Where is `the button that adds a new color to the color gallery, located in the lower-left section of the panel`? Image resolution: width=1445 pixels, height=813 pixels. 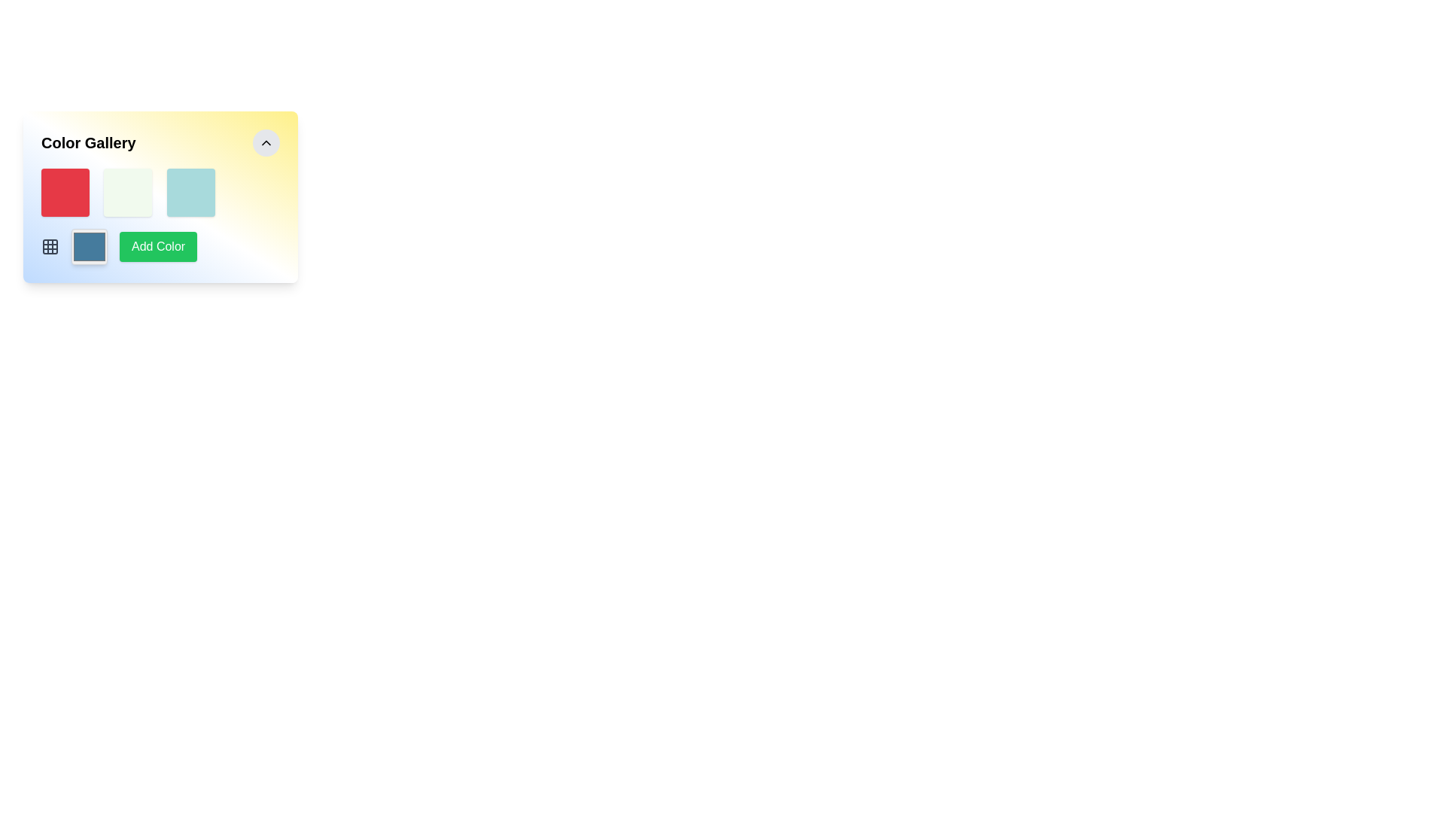 the button that adds a new color to the color gallery, located in the lower-left section of the panel is located at coordinates (158, 245).